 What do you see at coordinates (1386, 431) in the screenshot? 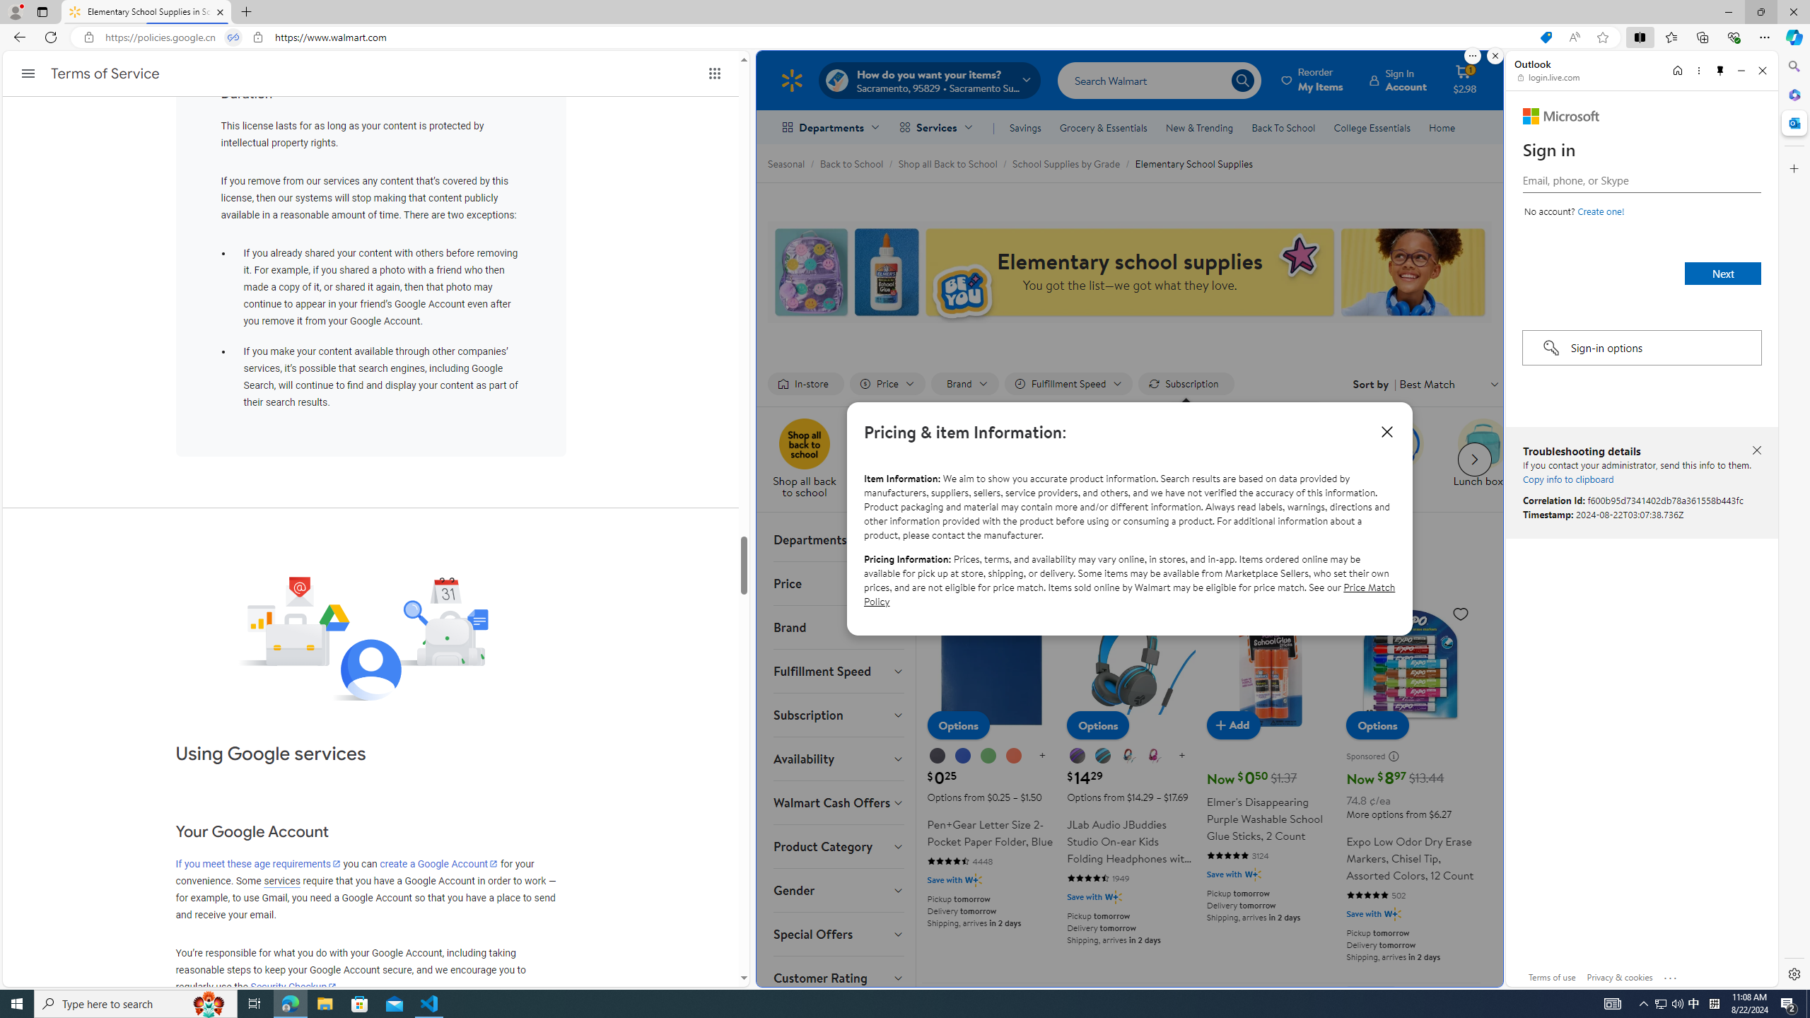
I see `'Close dialog'` at bounding box center [1386, 431].